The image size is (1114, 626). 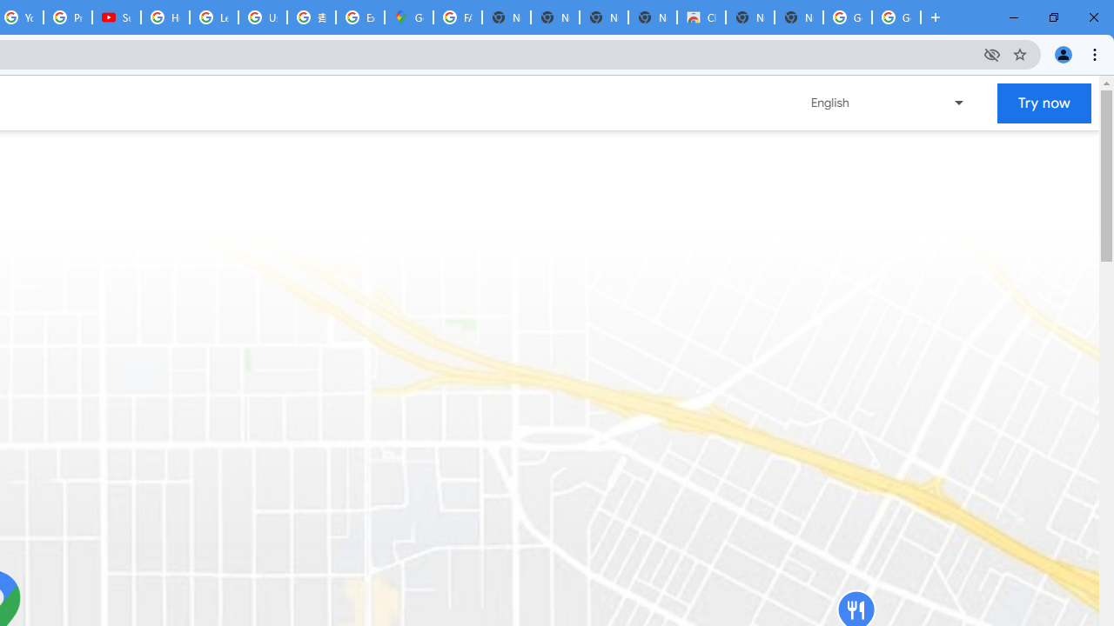 What do you see at coordinates (1062, 53) in the screenshot?
I see `'You'` at bounding box center [1062, 53].